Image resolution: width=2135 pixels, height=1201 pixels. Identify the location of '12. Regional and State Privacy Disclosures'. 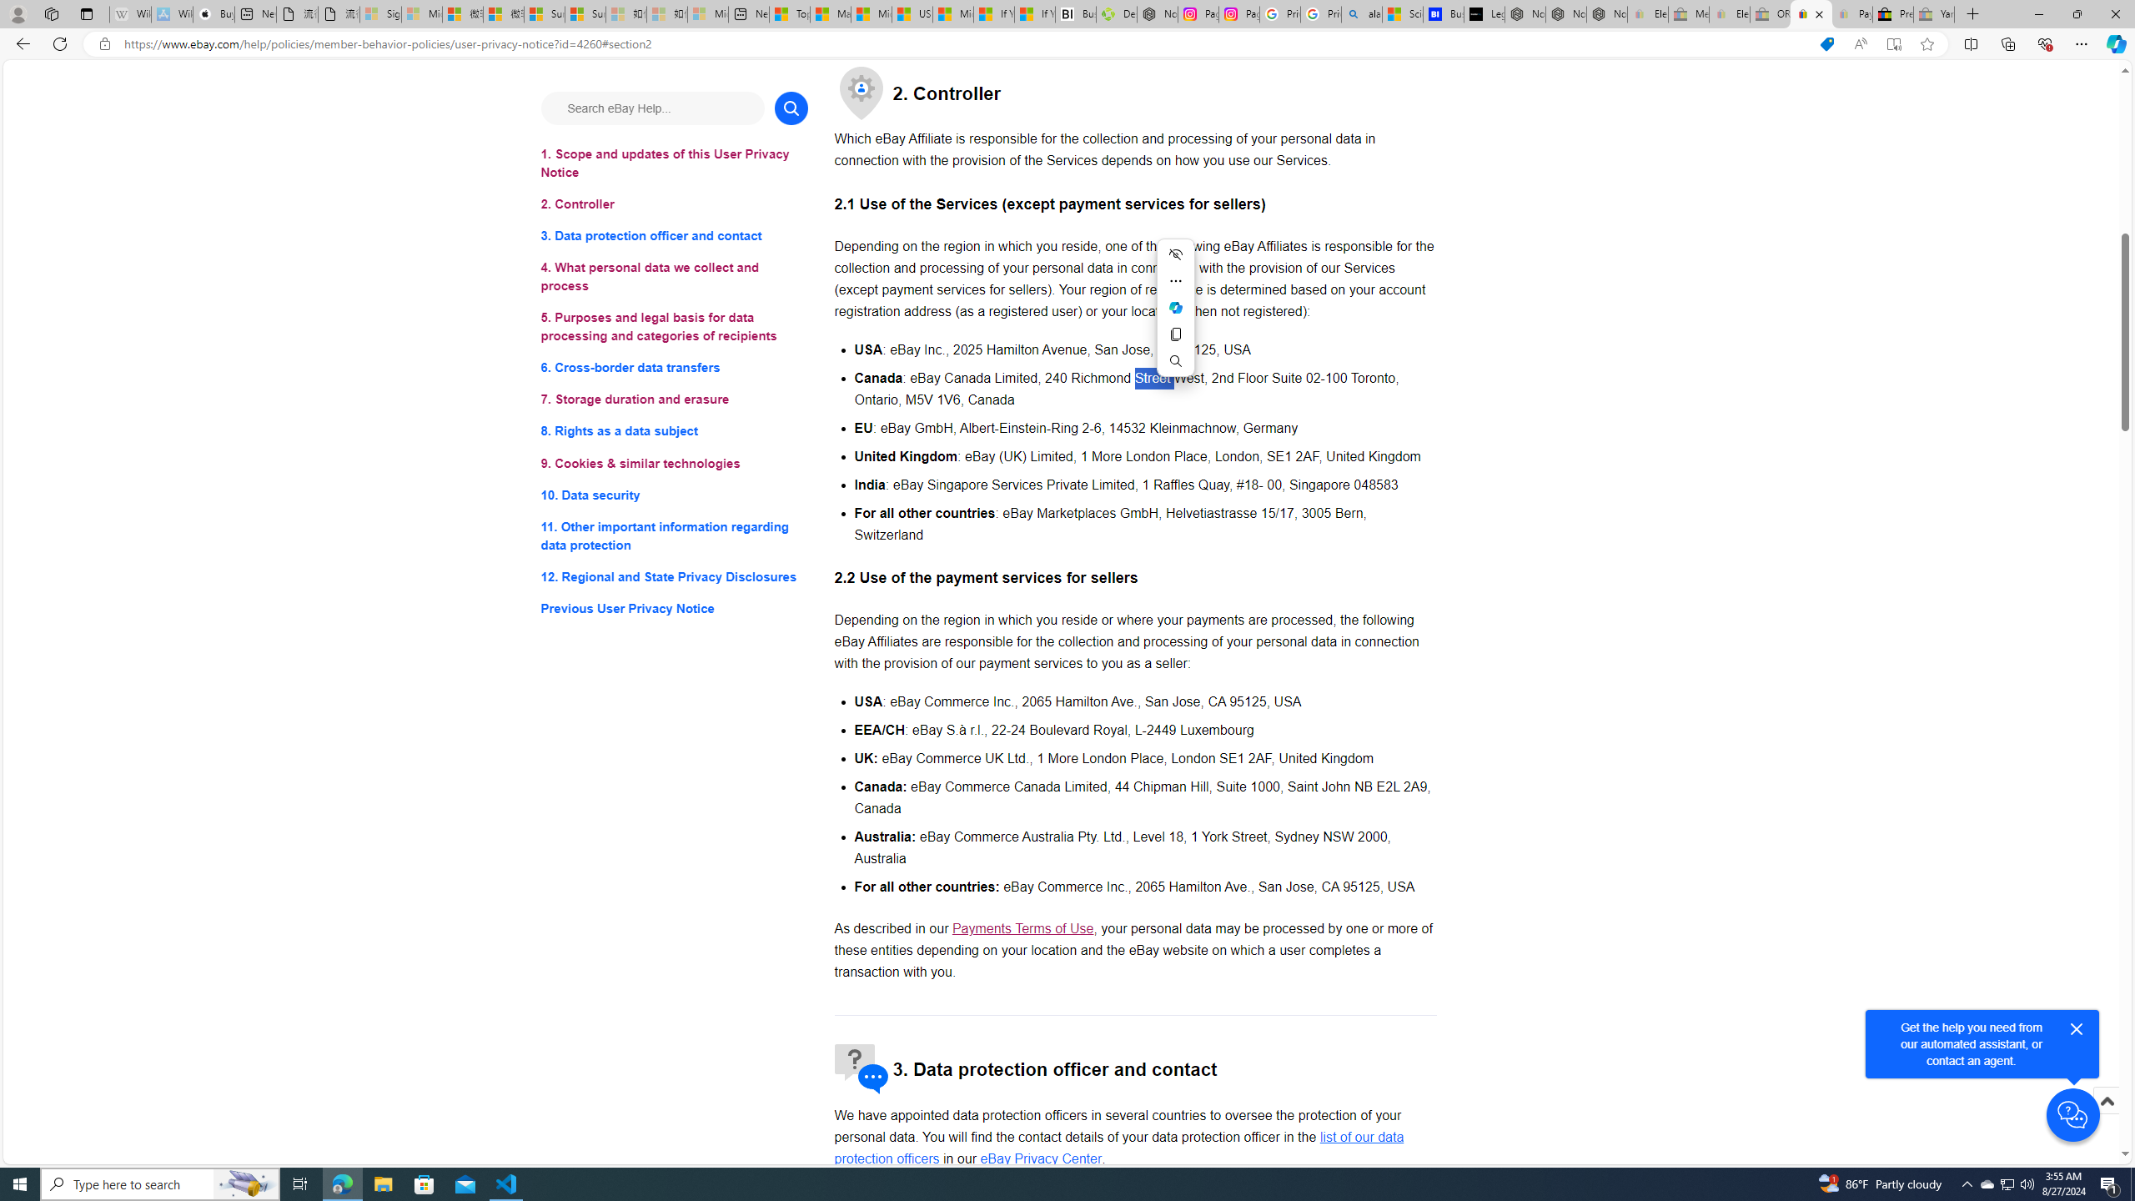
(673, 575).